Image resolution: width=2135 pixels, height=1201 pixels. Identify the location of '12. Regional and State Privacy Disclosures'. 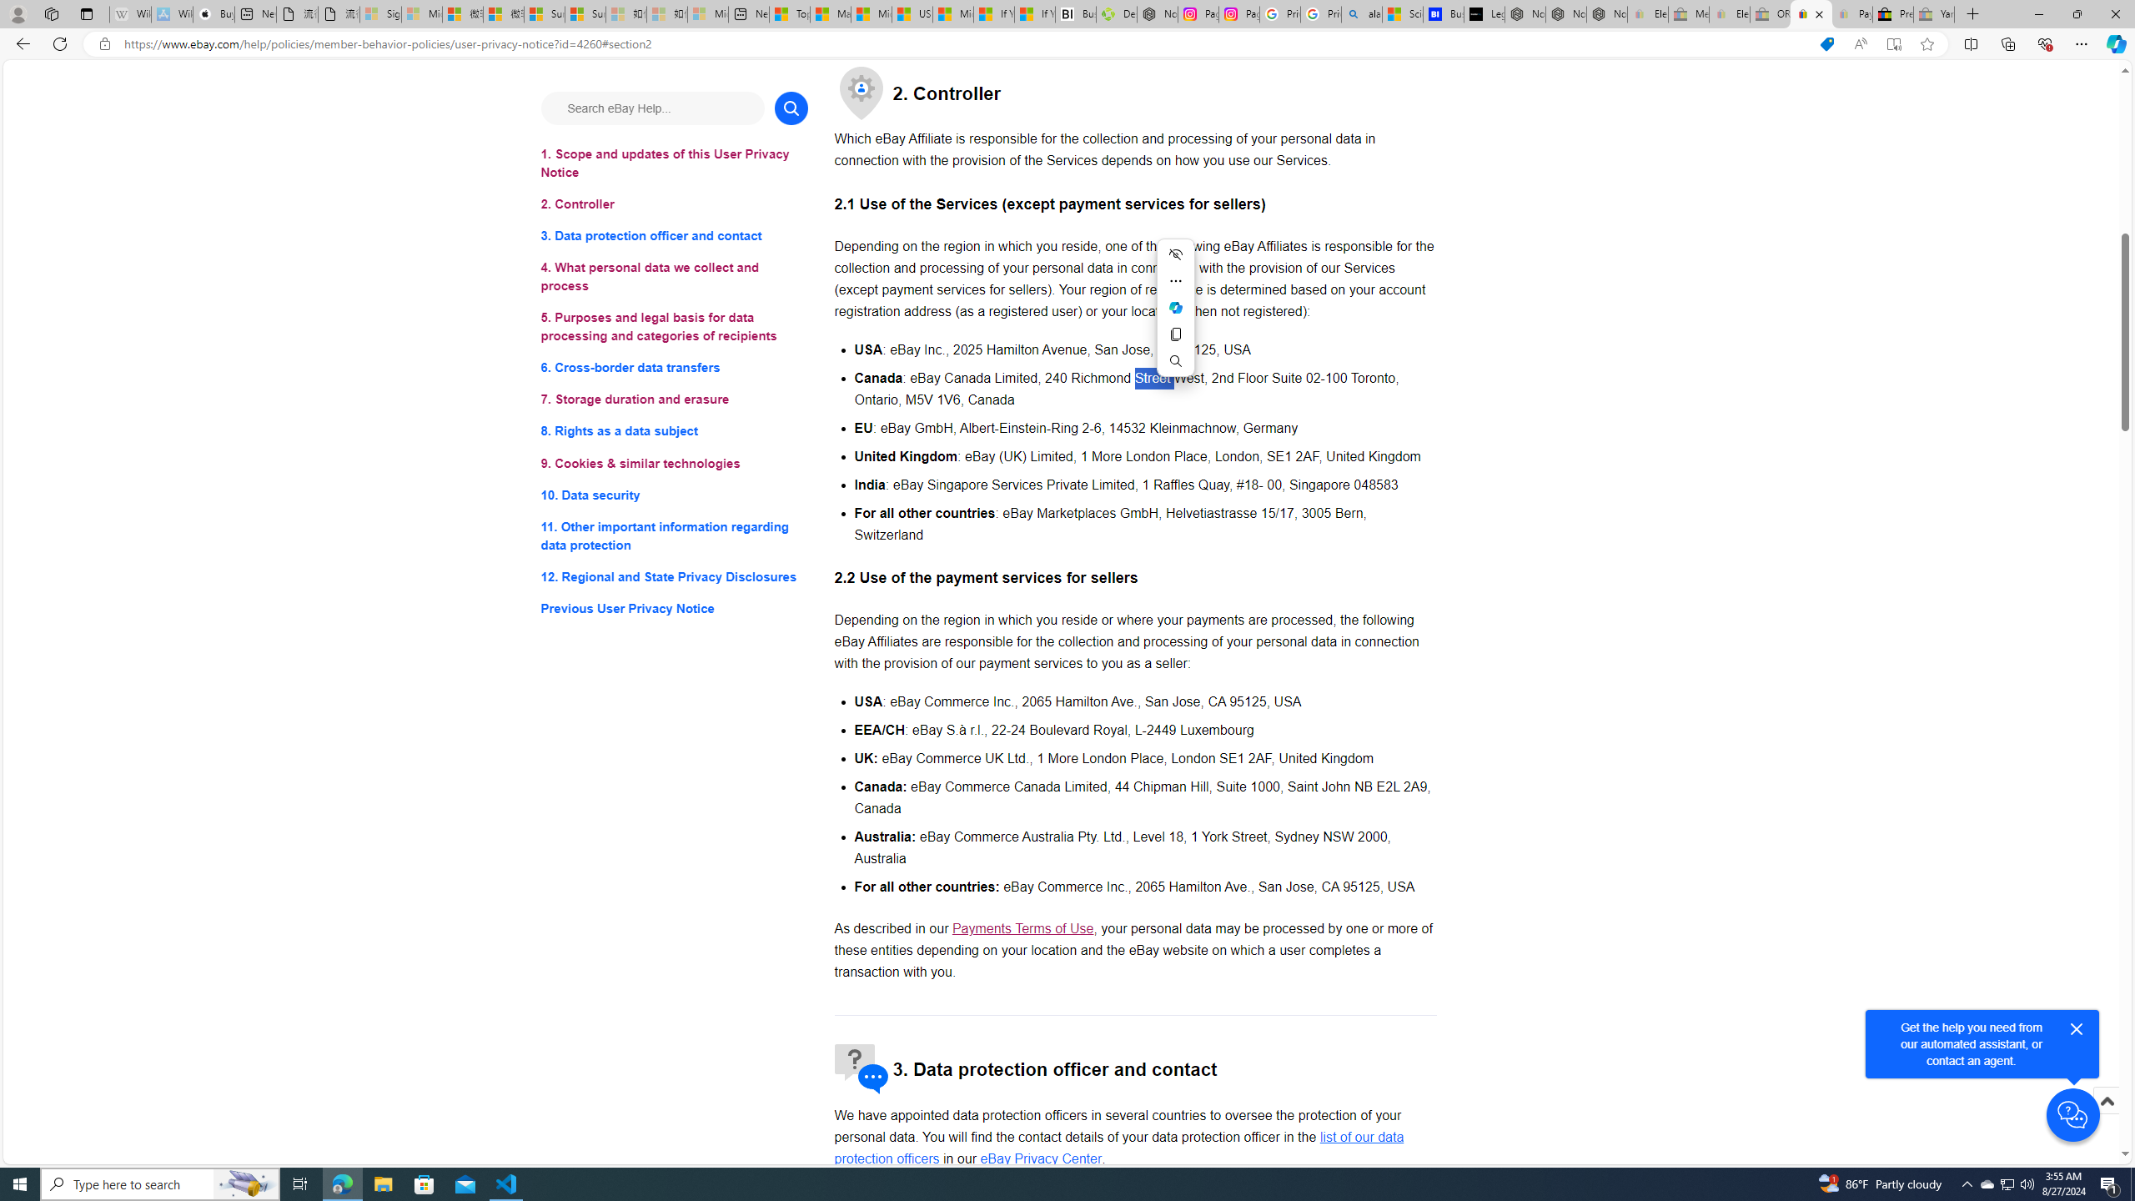
(673, 575).